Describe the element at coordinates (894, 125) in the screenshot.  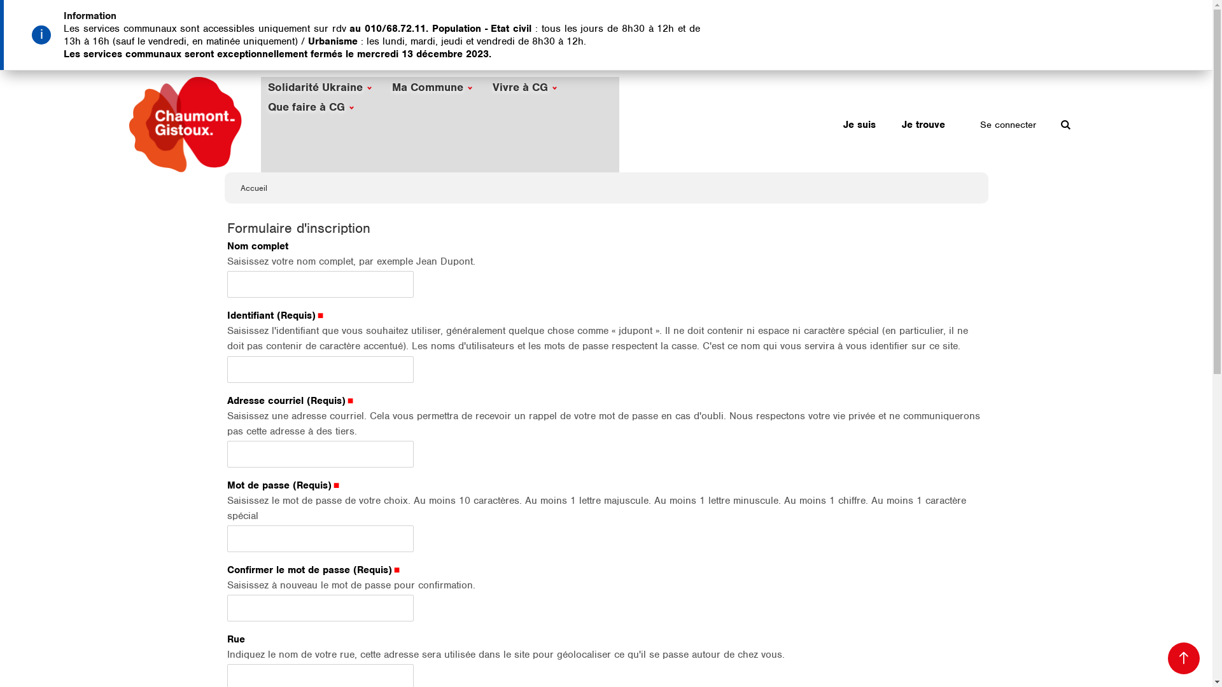
I see `'Je trouve'` at that location.